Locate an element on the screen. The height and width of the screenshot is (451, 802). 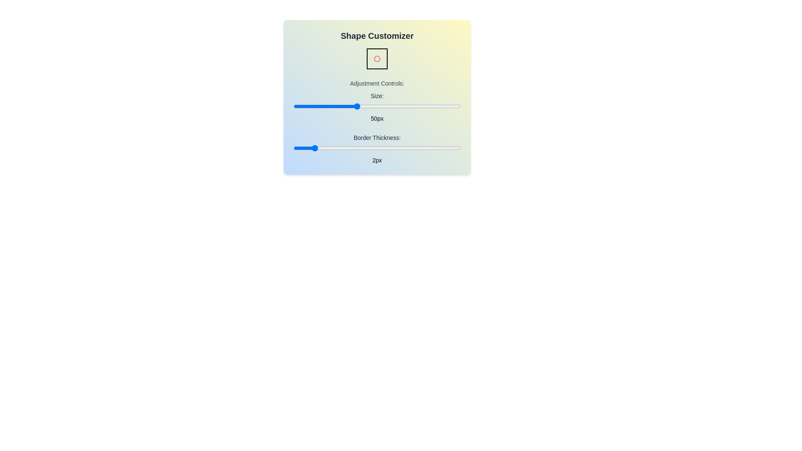
the 'Size' slider to set the size to 97 pixels is located at coordinates (454, 106).